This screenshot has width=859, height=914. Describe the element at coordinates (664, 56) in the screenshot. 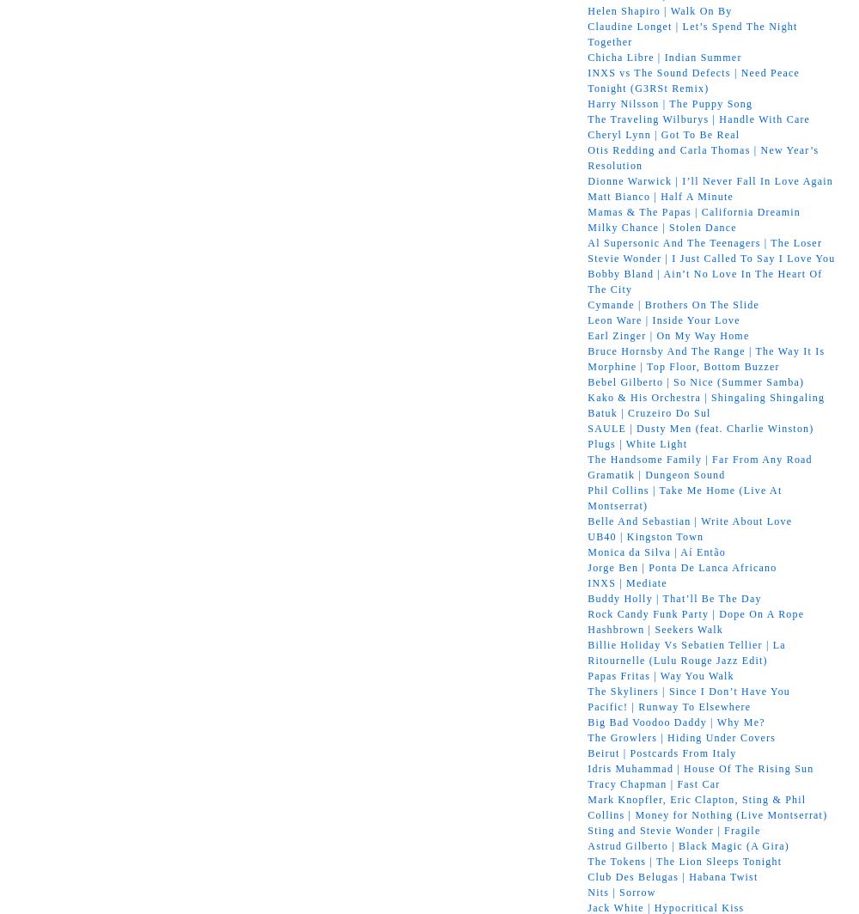

I see `'Chicha Libre | Indian Summer'` at that location.